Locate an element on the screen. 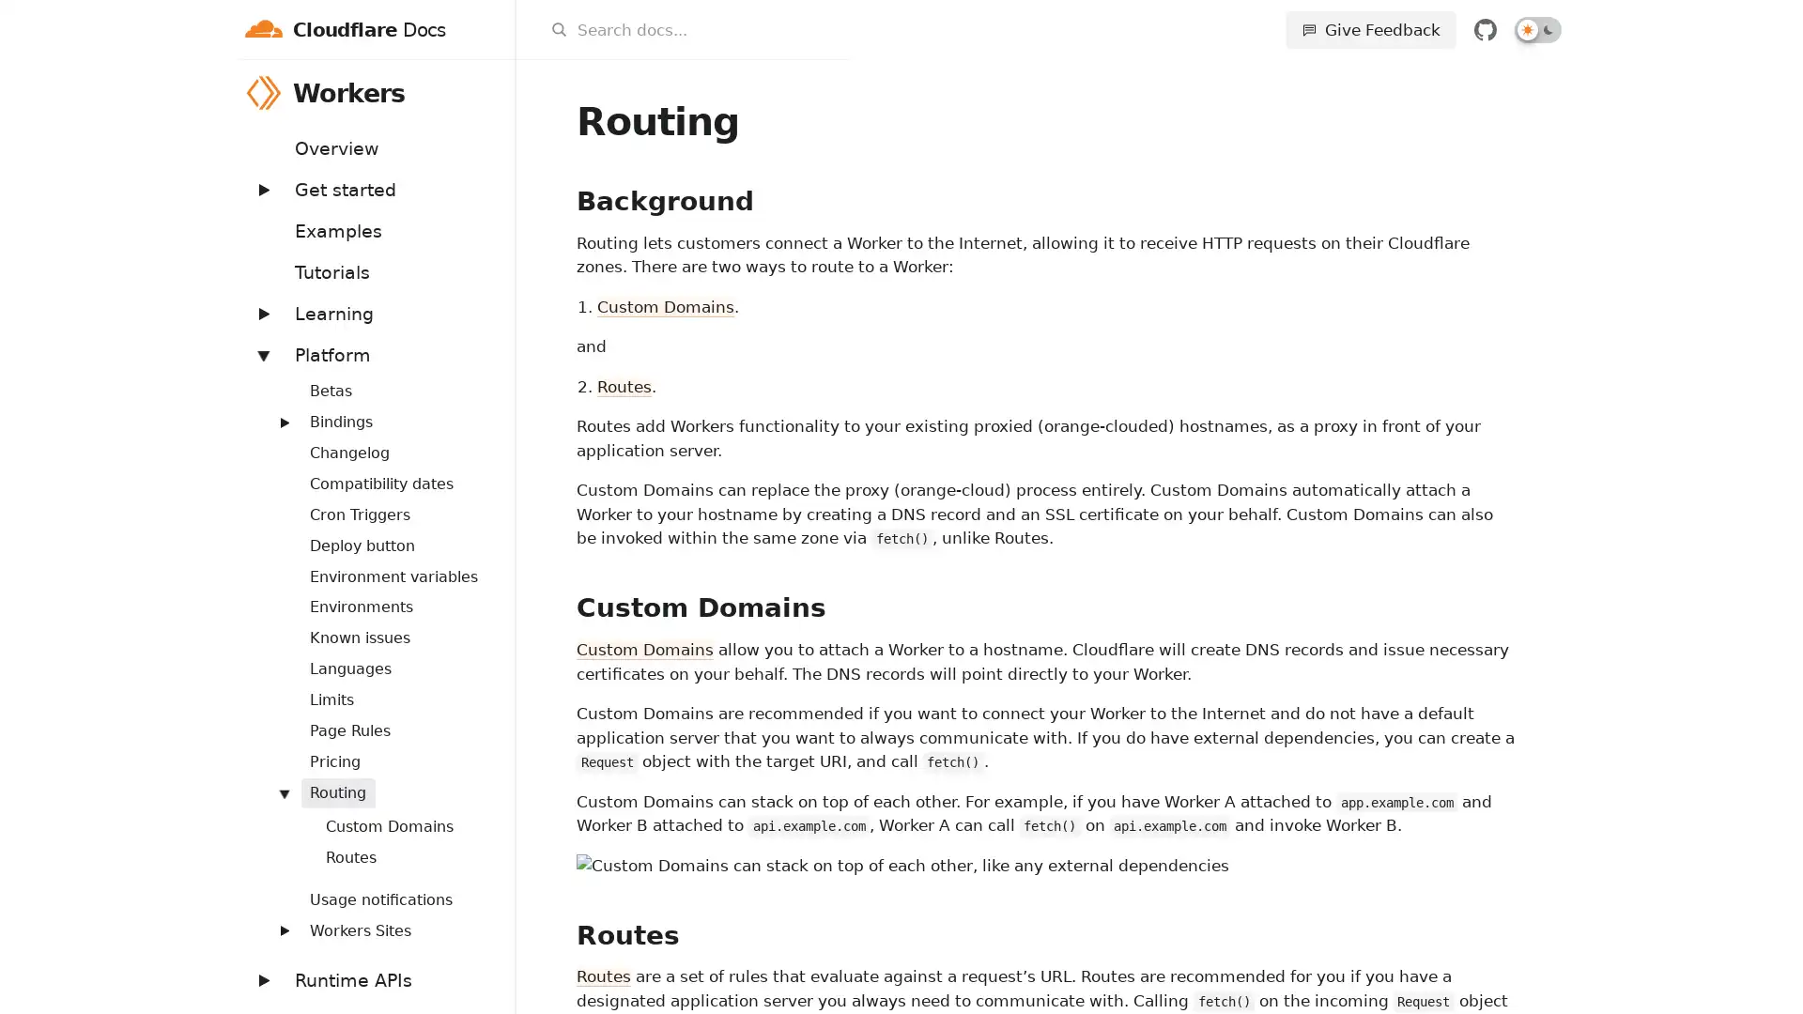 Image resolution: width=1803 pixels, height=1014 pixels. Expand: Platform is located at coordinates (261, 354).